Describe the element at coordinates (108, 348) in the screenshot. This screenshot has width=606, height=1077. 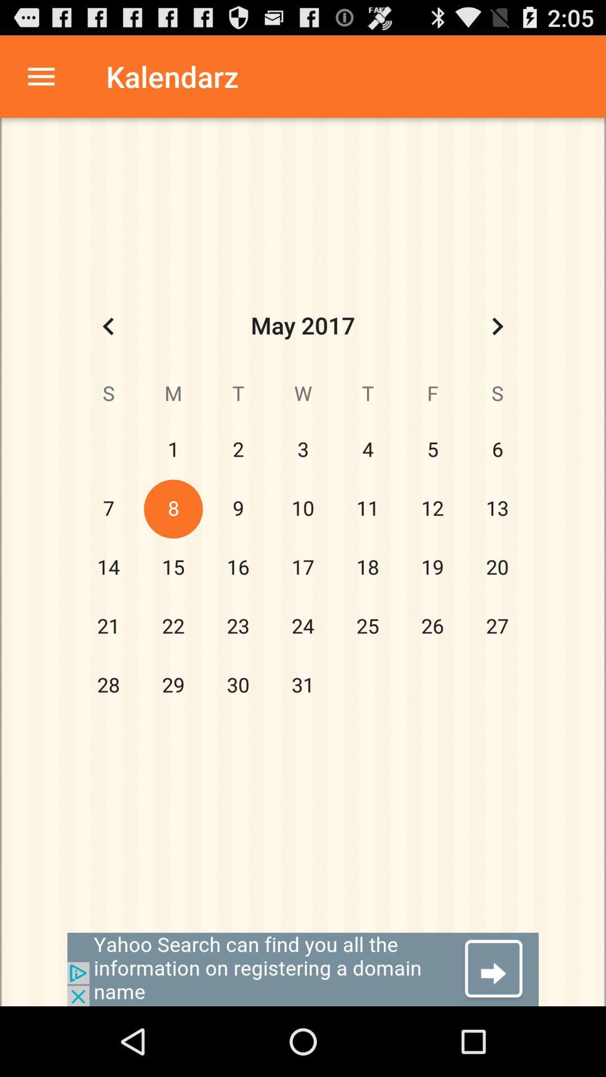
I see `the arrow_backward icon` at that location.